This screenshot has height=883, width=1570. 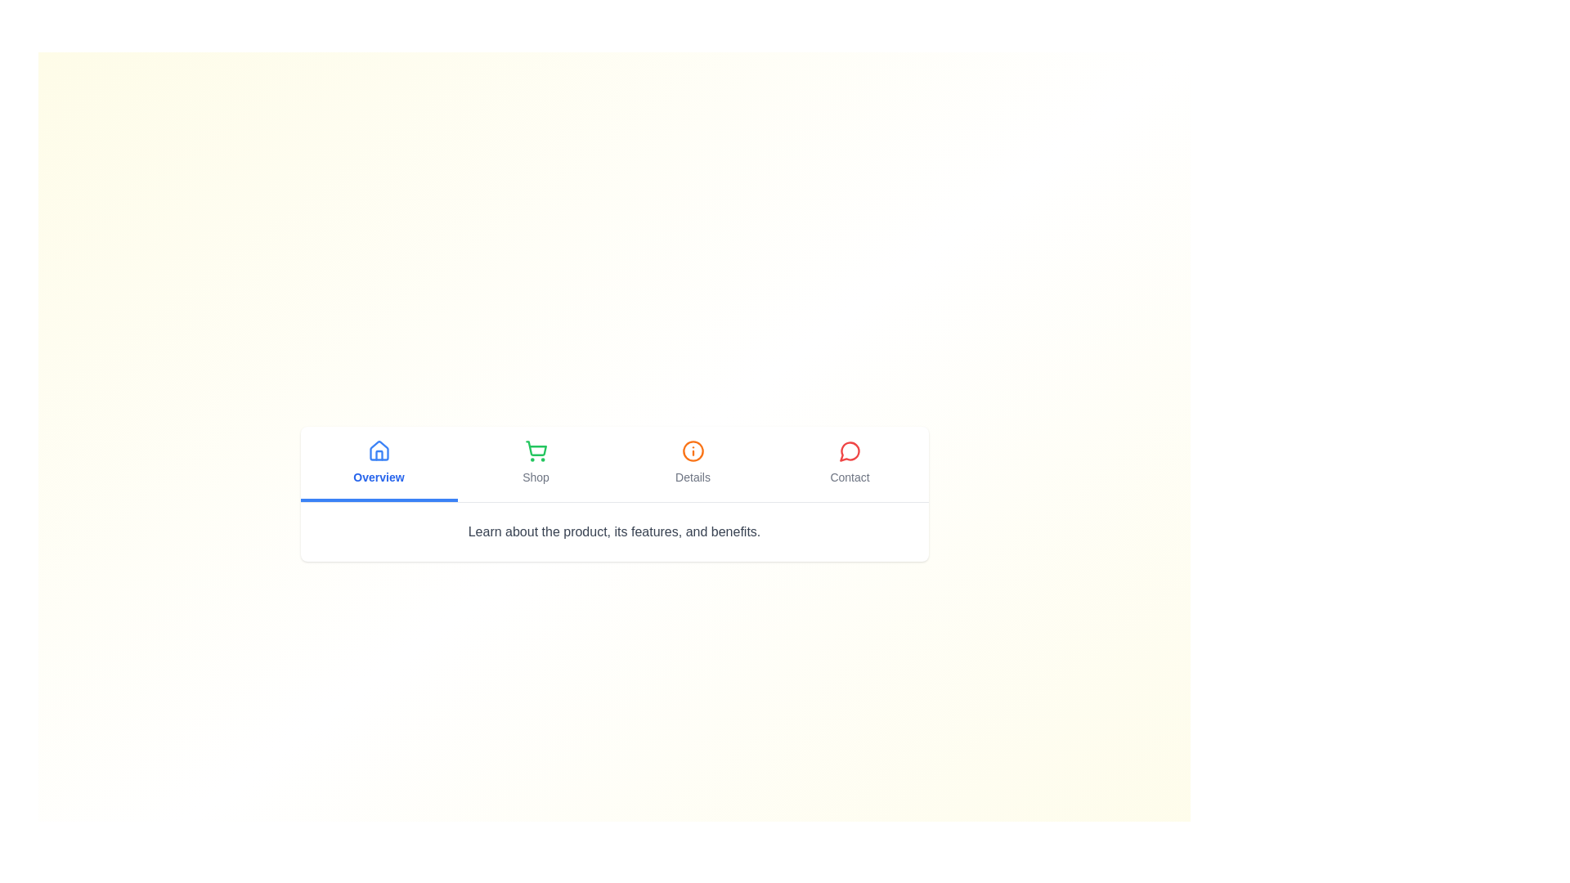 What do you see at coordinates (536, 464) in the screenshot?
I see `the Shop tab to observe its hover effect` at bounding box center [536, 464].